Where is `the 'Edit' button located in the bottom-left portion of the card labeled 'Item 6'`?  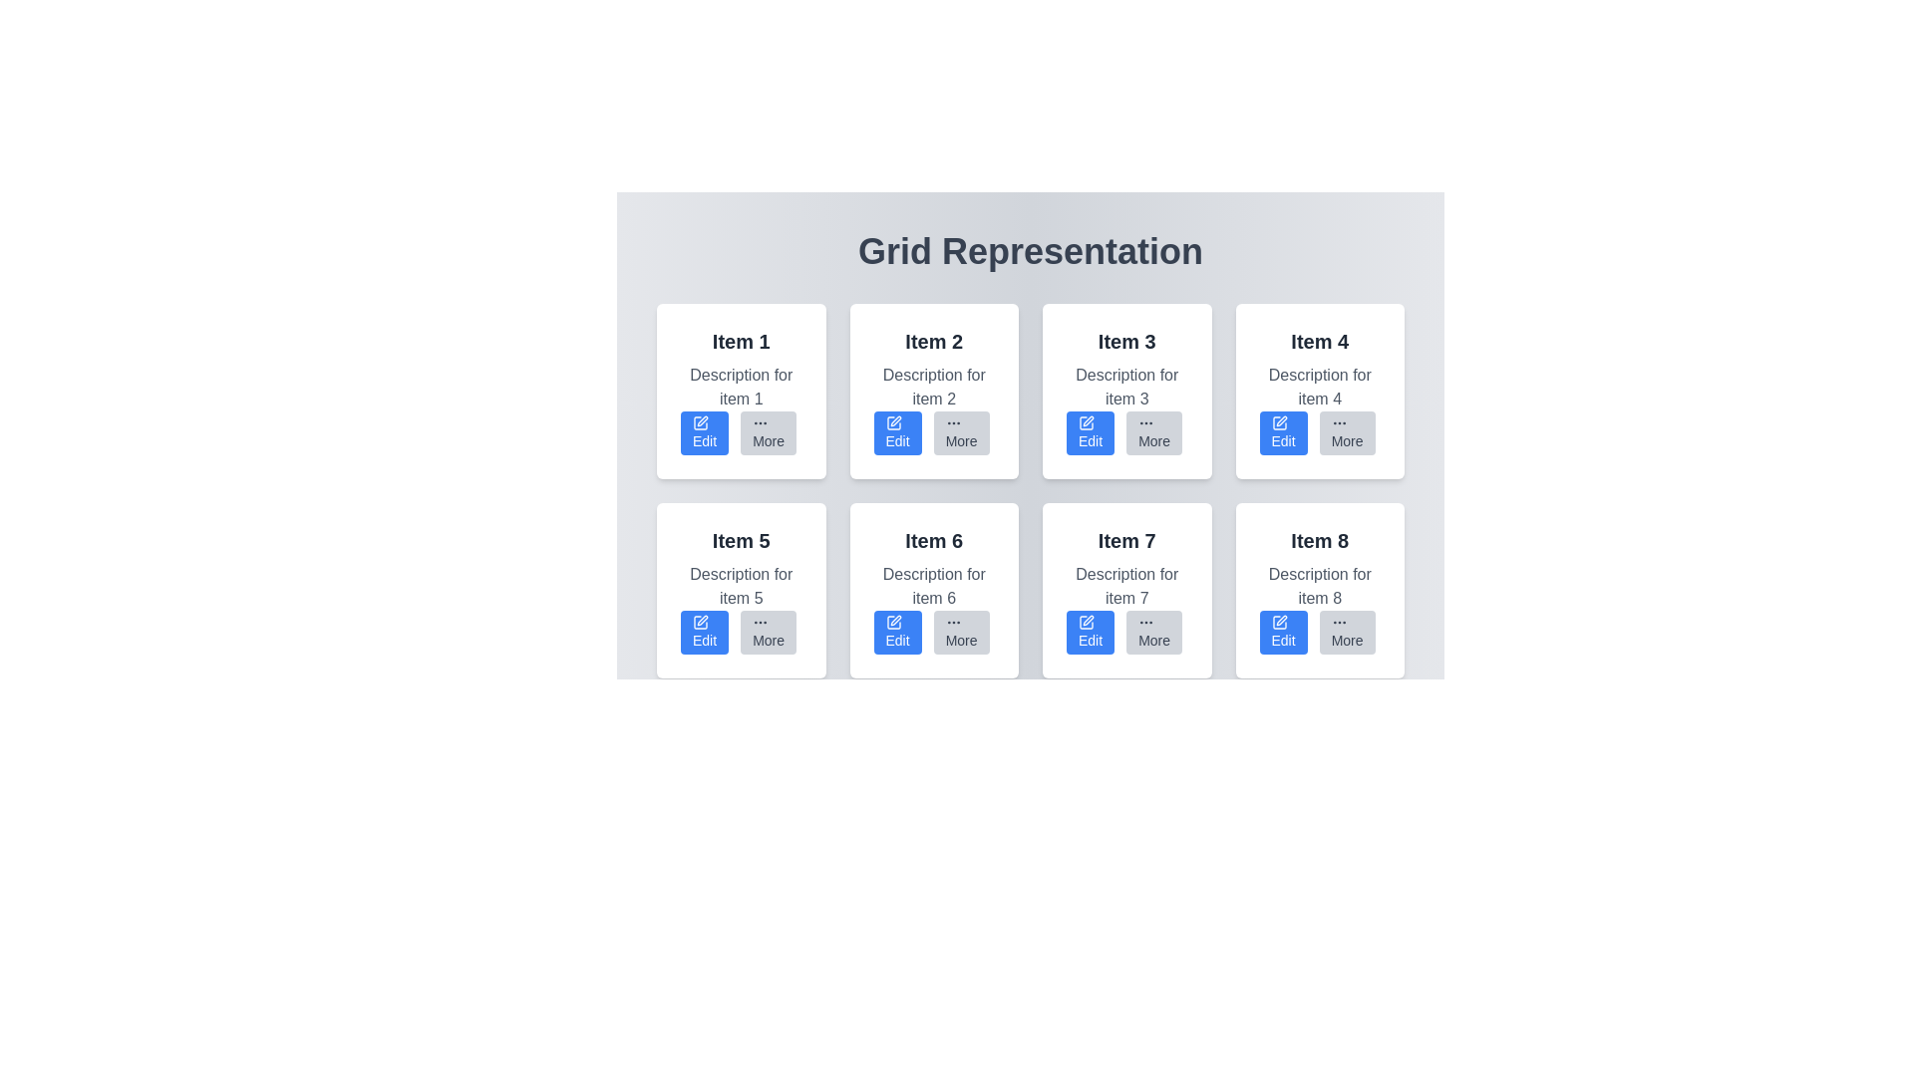
the 'Edit' button located in the bottom-left portion of the card labeled 'Item 6' is located at coordinates (896, 633).